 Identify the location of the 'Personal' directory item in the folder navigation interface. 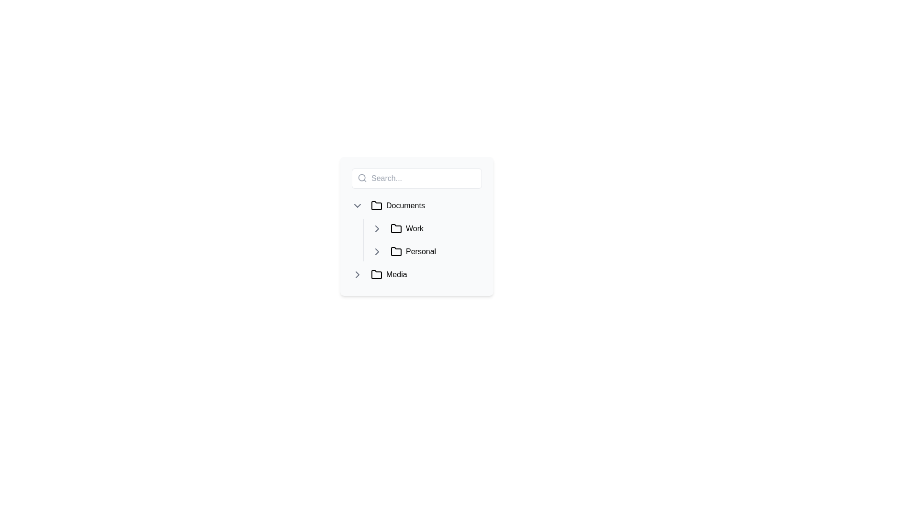
(426, 251).